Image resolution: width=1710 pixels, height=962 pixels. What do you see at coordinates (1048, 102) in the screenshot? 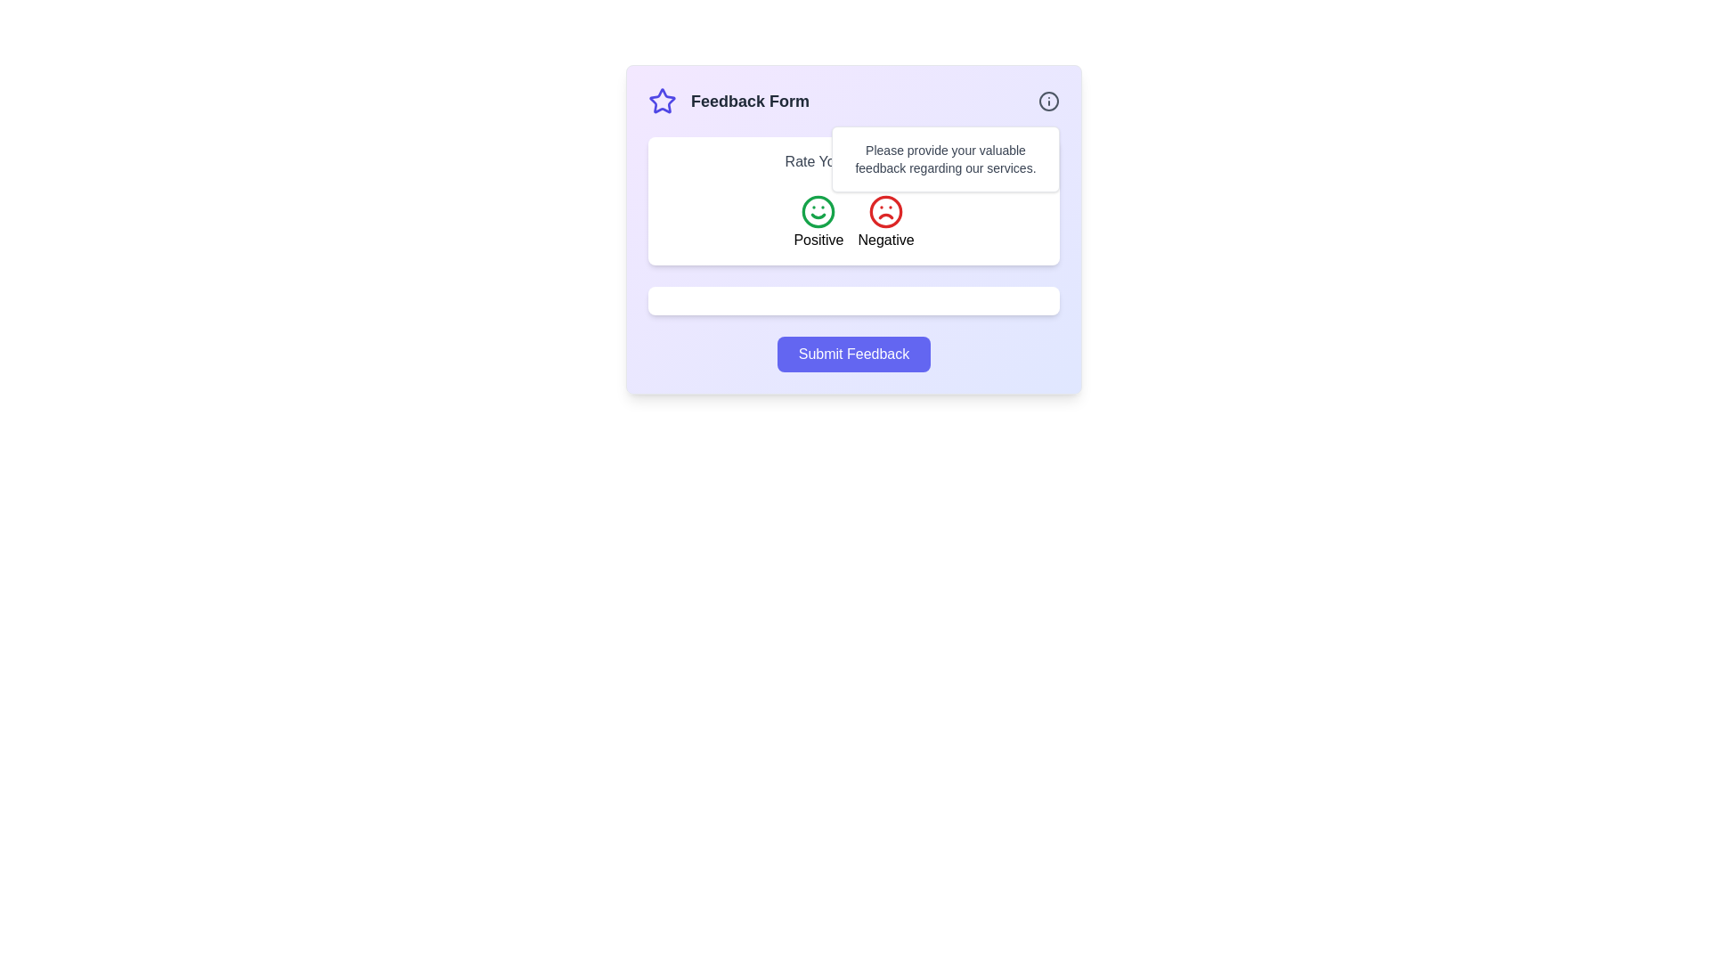
I see `the informational icon located at the top-right corner of the feedback form panel` at bounding box center [1048, 102].